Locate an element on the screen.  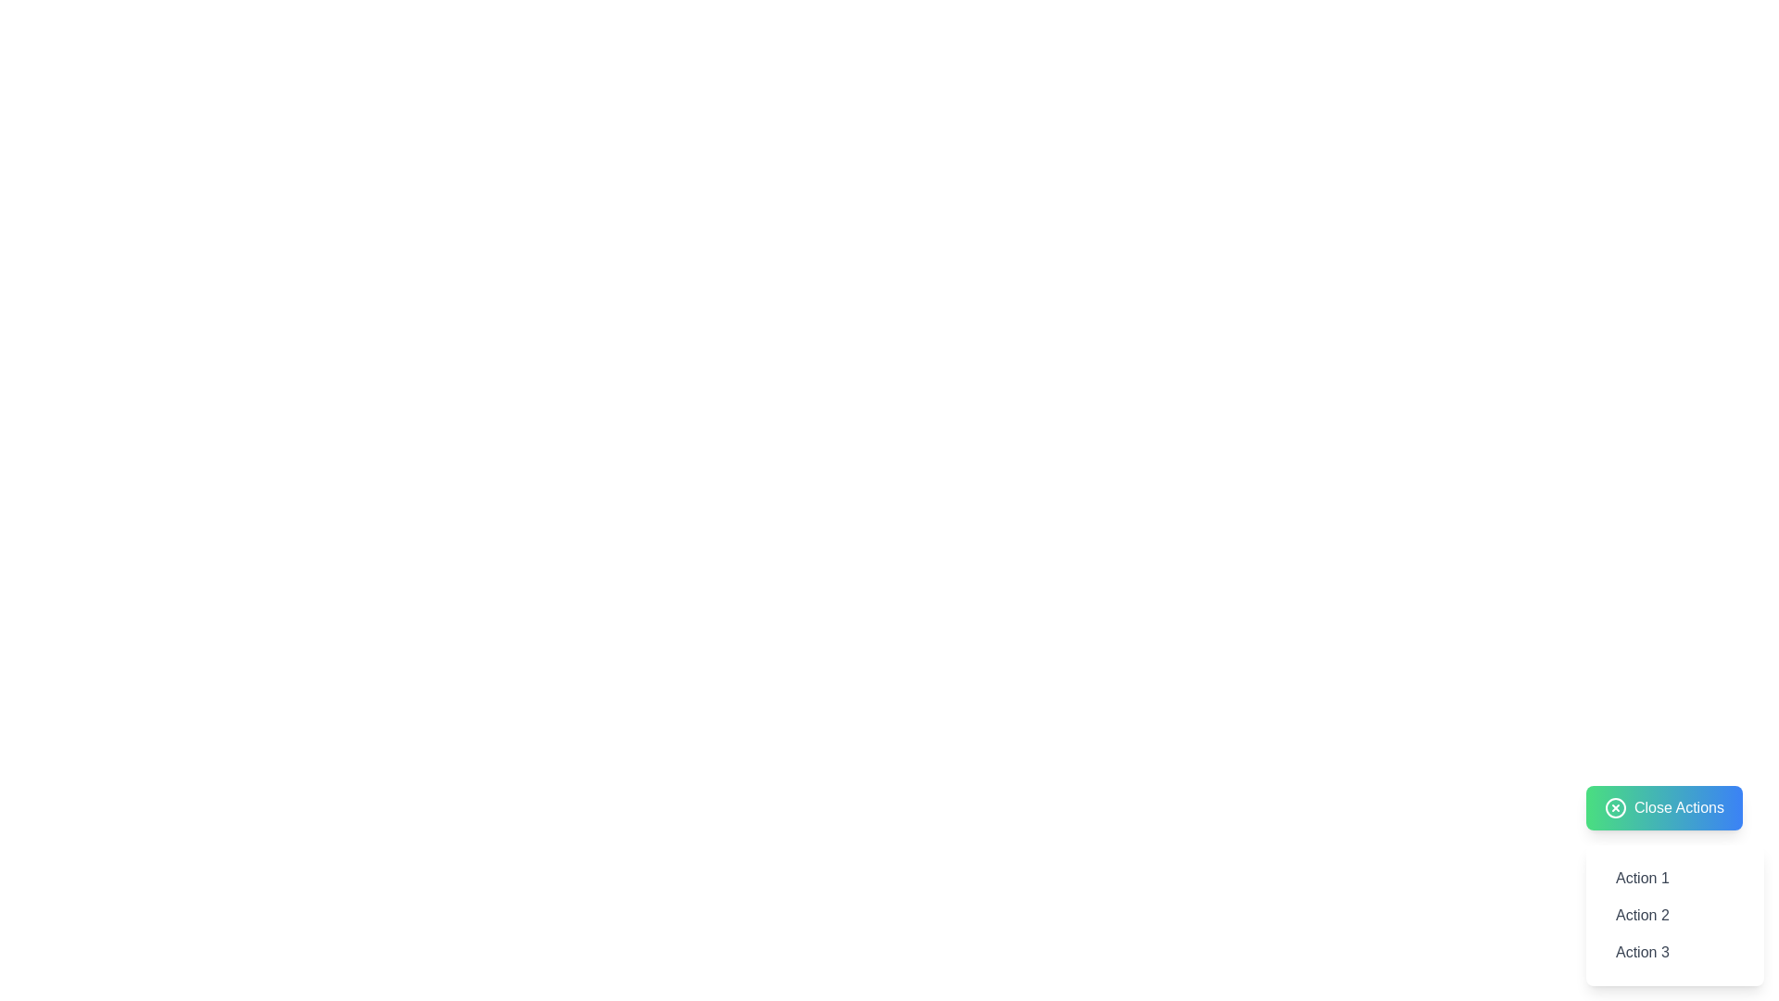
the 'Close Actions' button located at the bottom-right corner of the interface, which features a vibrant gradient background and an 'X' icon on the left is located at coordinates (1664, 806).